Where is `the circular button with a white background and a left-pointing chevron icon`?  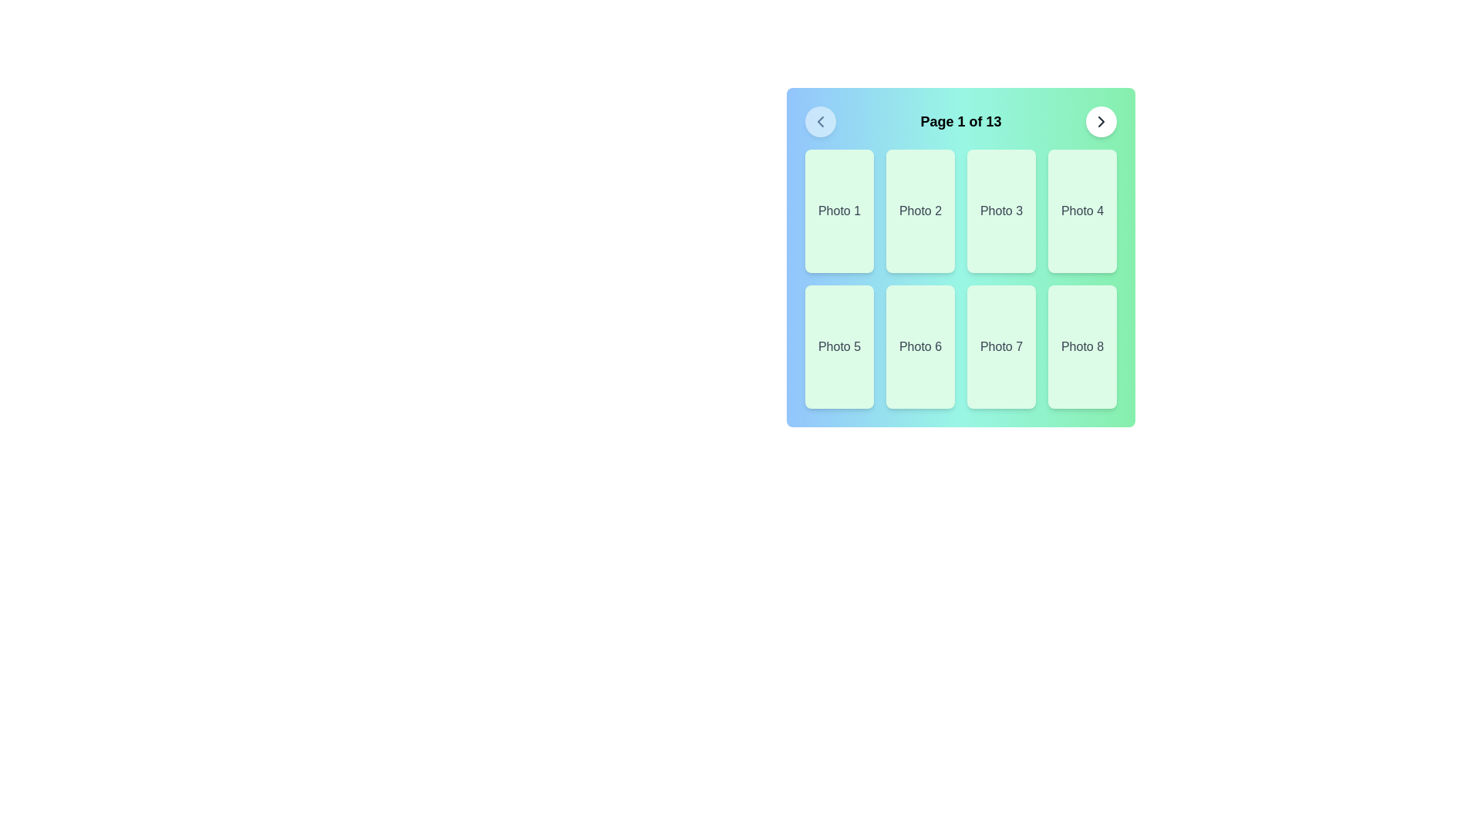 the circular button with a white background and a left-pointing chevron icon is located at coordinates (820, 121).